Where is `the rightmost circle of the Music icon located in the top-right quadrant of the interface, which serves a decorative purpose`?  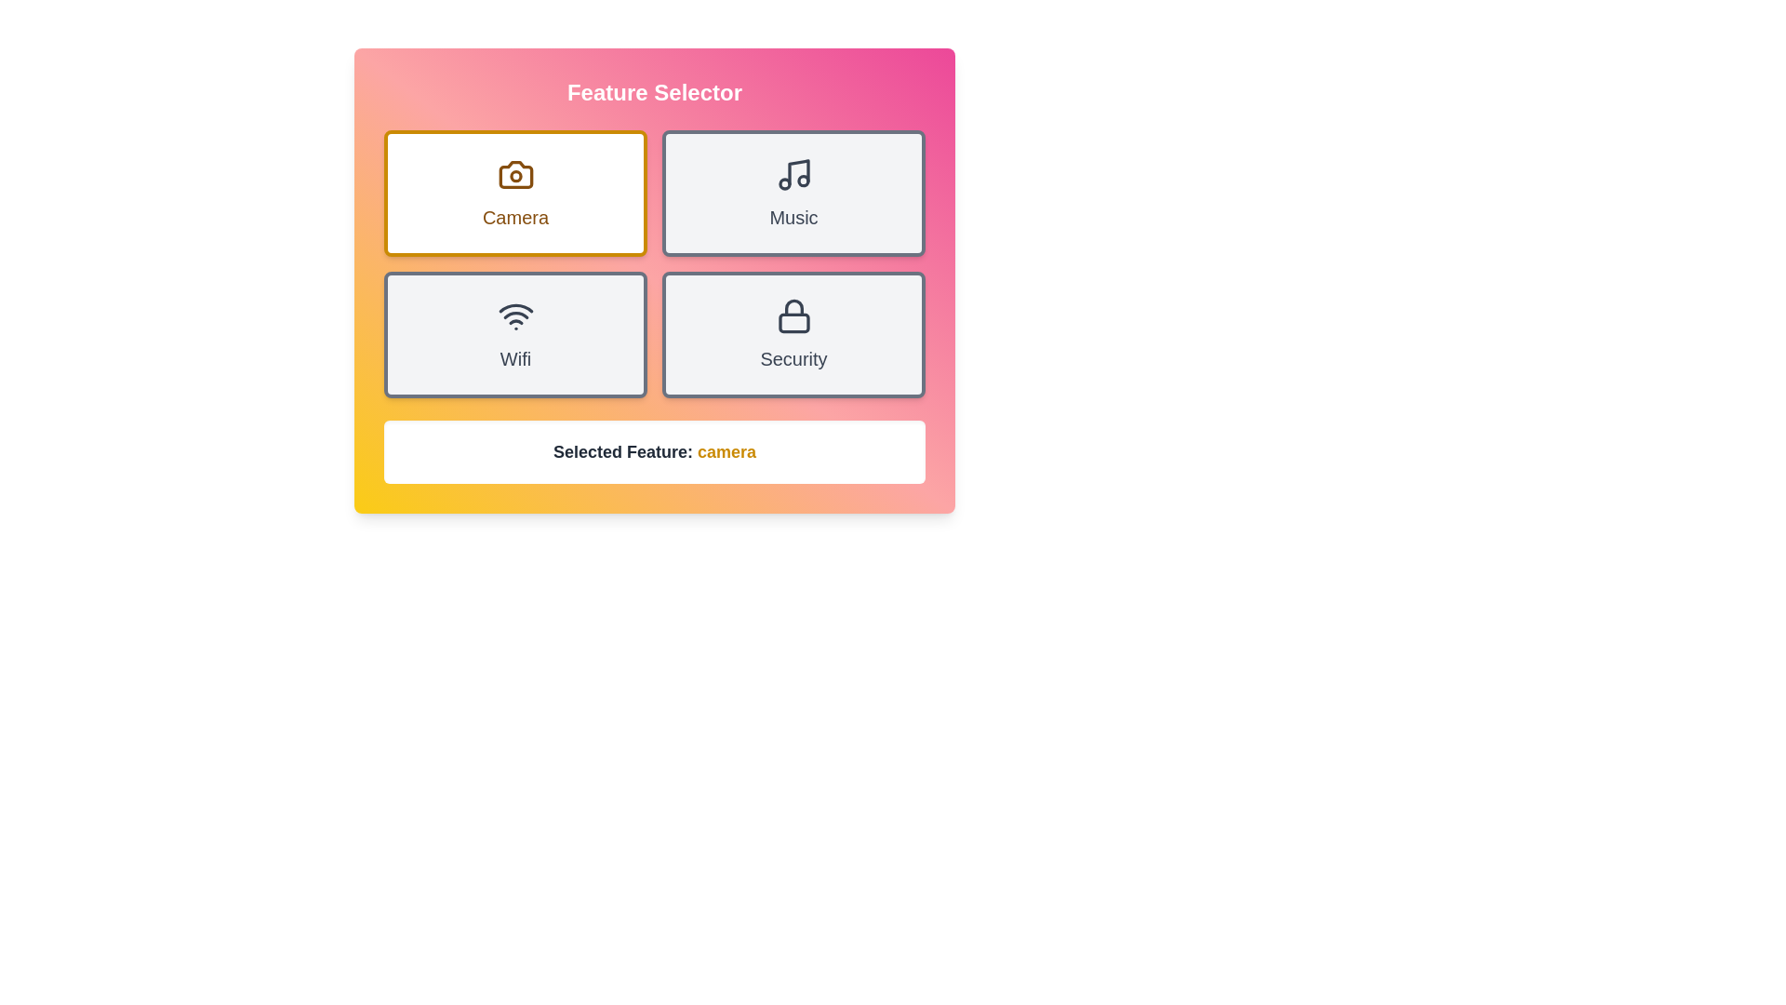
the rightmost circle of the Music icon located in the top-right quadrant of the interface, which serves a decorative purpose is located at coordinates (803, 181).